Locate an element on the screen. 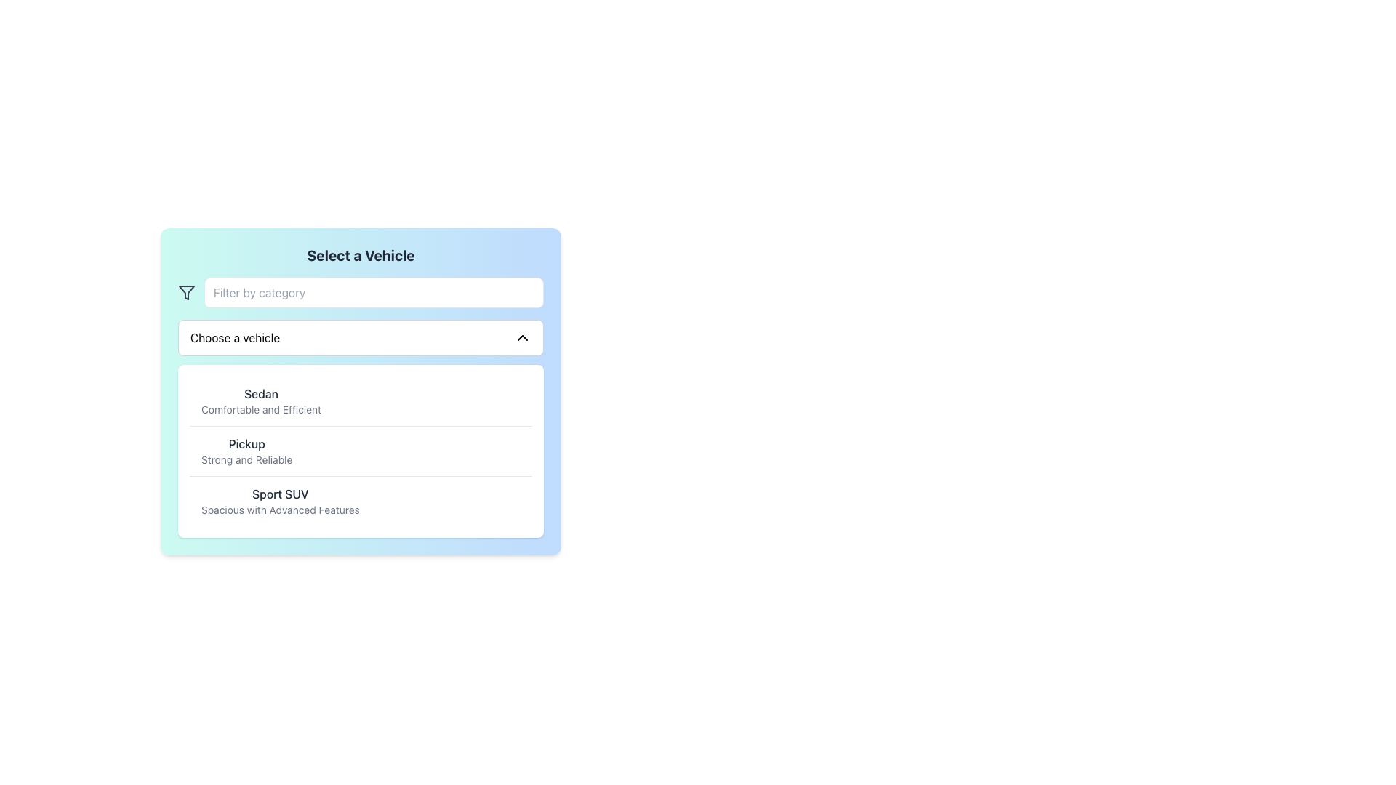 Image resolution: width=1396 pixels, height=785 pixels. the funnel SVG icon located to the left of the 'Filter by category' text input is located at coordinates (186, 292).